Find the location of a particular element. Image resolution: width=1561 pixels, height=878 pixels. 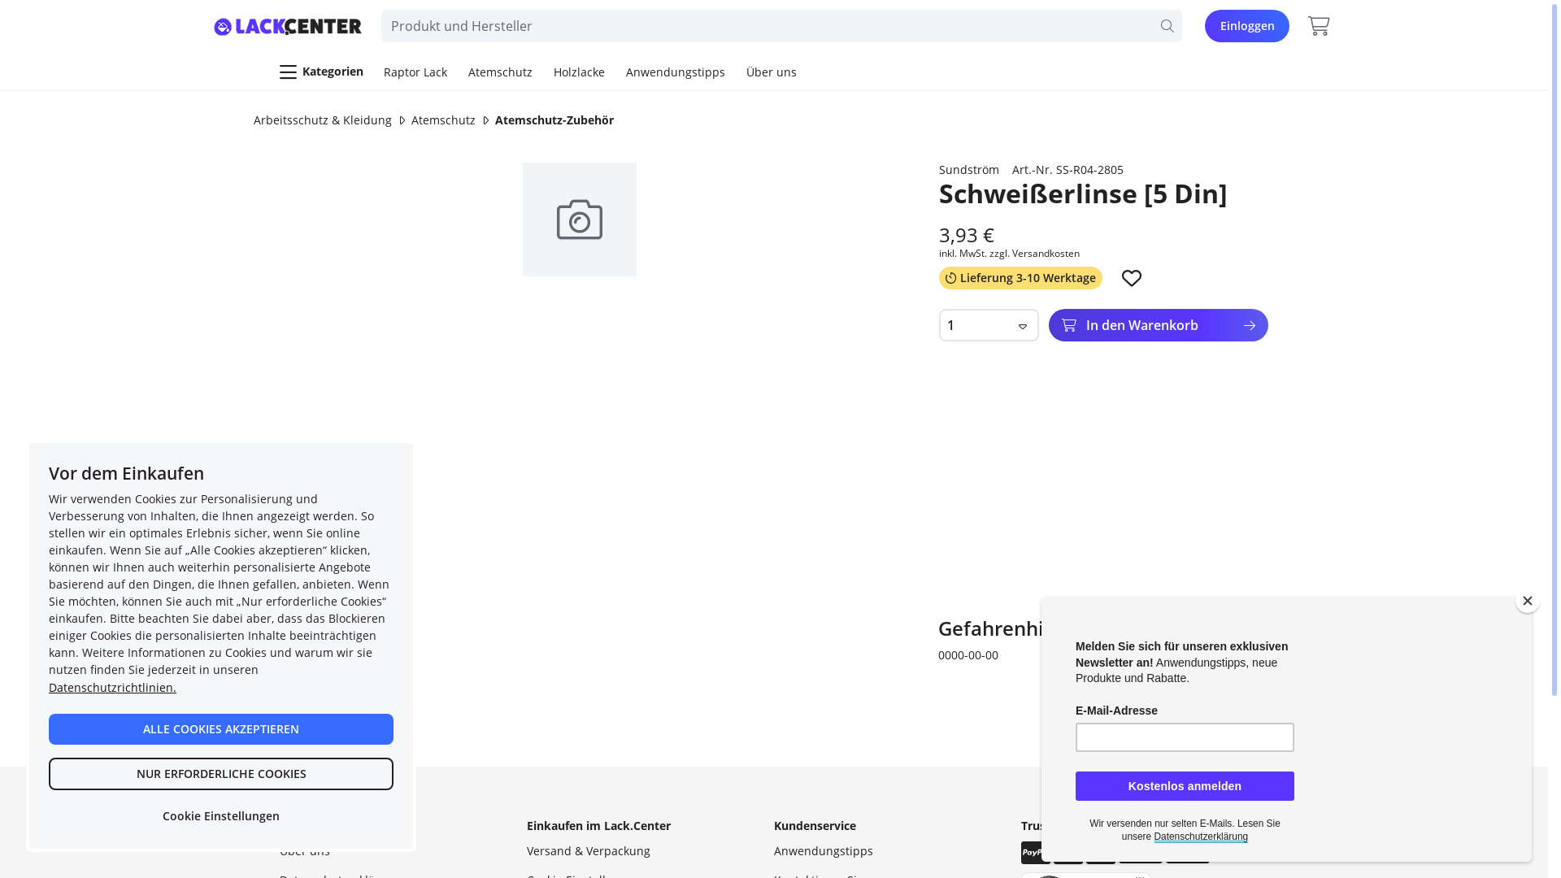

'Datenschutzrichtlinien.' is located at coordinates (48, 687).